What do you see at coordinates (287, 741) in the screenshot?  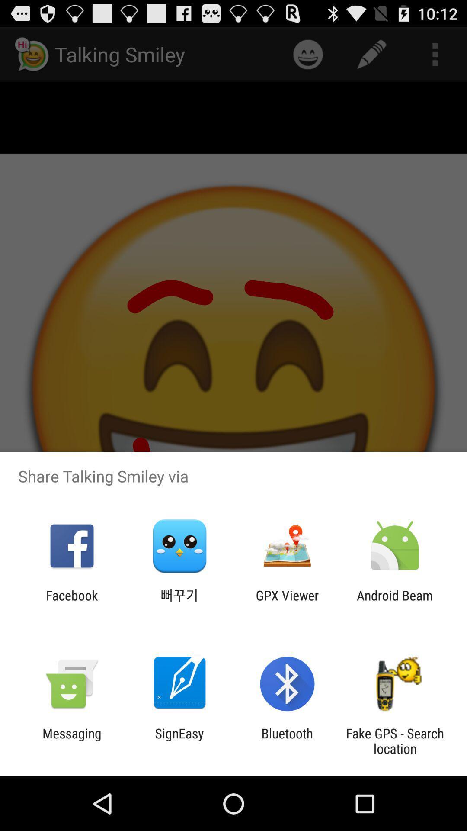 I see `bluetooth app` at bounding box center [287, 741].